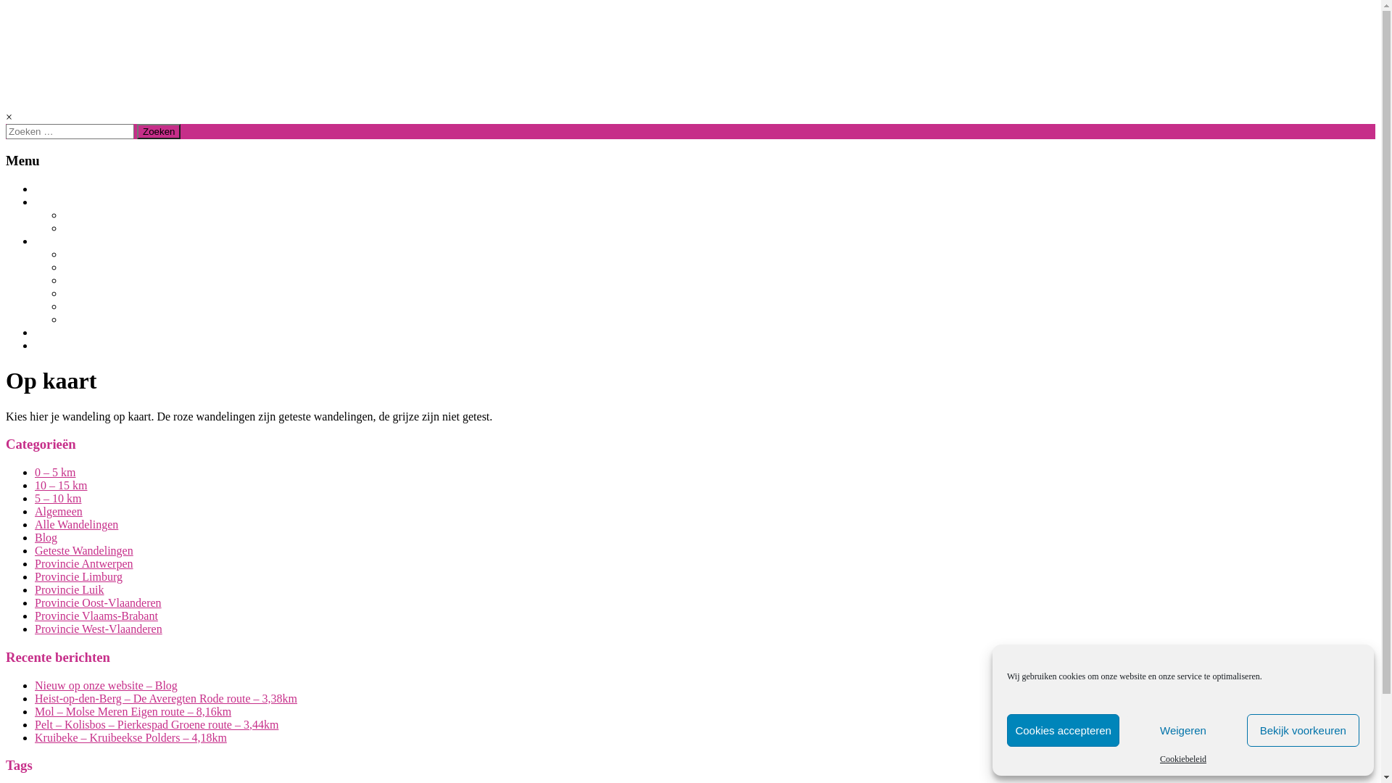  I want to click on 'Provincie West-Vlaanderen', so click(97, 628).